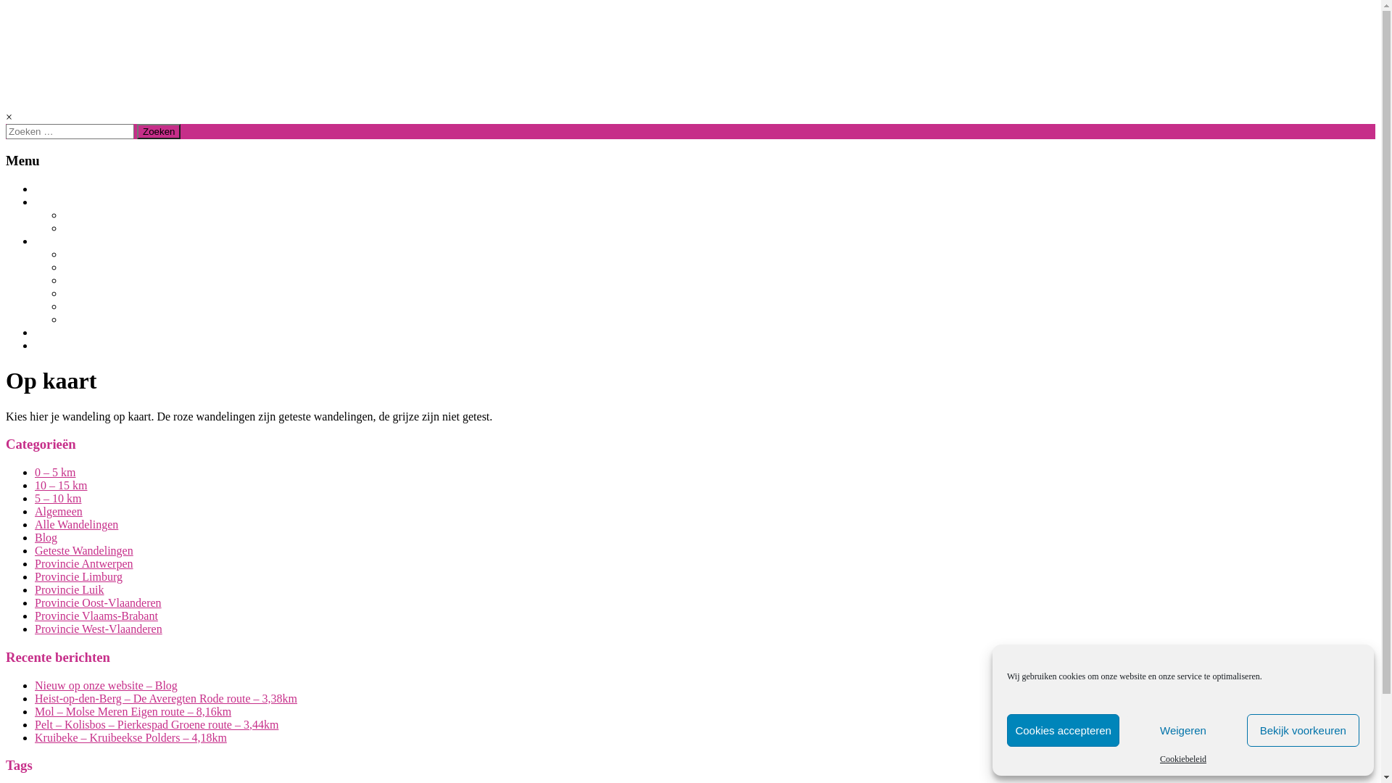  I want to click on 'Provincie West-Vlaanderen', so click(97, 628).